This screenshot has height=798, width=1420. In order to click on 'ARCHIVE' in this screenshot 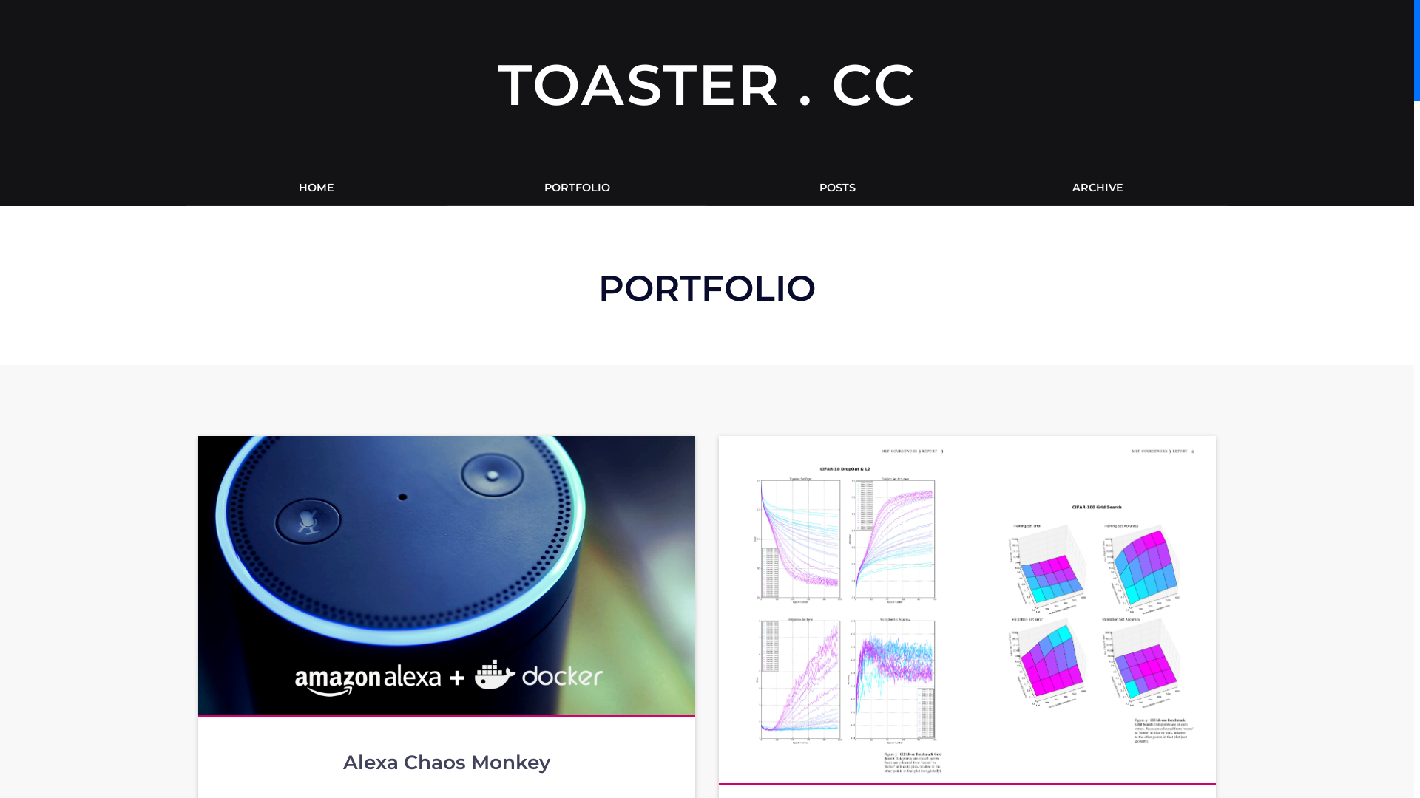, I will do `click(1097, 187)`.